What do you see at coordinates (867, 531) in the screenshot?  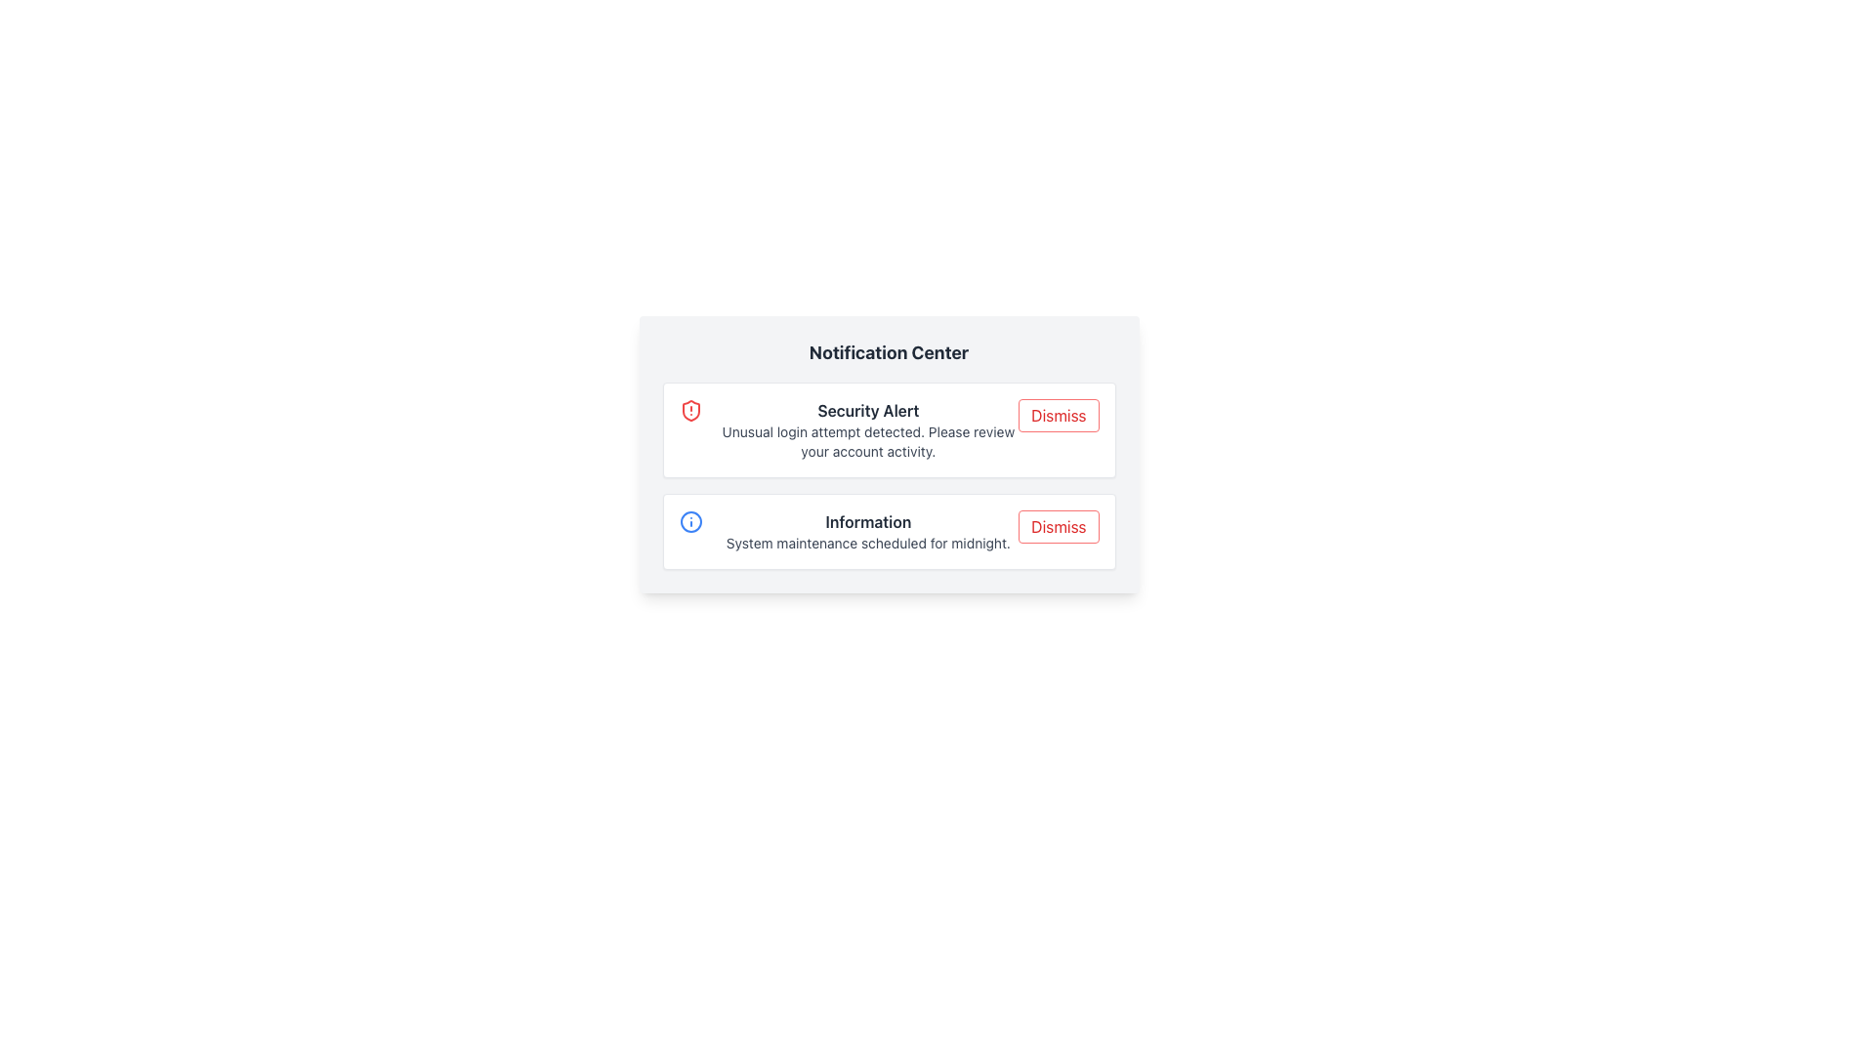 I see `the text block displaying 'Information' regarding system maintenance, which is located in the bottom half of the notification center, to the left of the 'Dismiss' button` at bounding box center [867, 531].